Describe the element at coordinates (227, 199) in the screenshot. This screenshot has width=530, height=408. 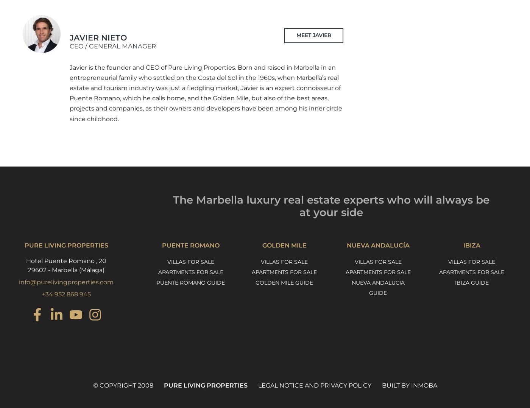
I see `'The Marbella luxury'` at that location.